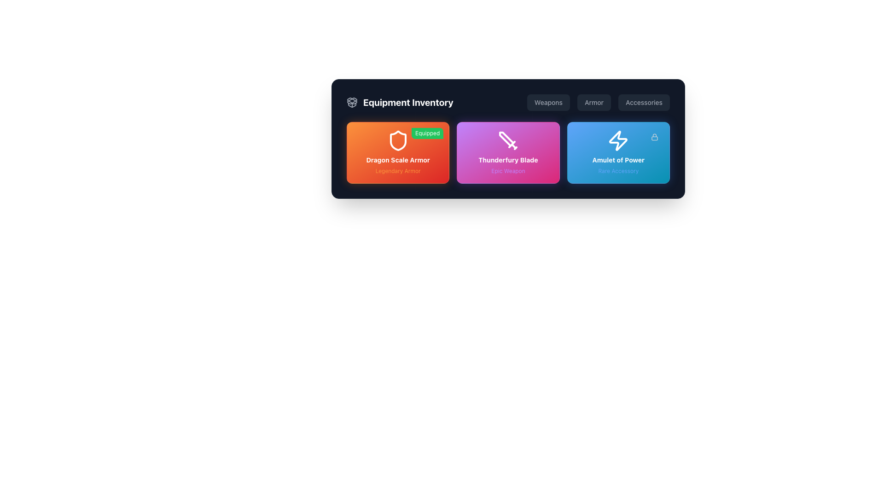 The height and width of the screenshot is (497, 884). I want to click on the locked Amulet of Power icon located at the top-right corner of the Amulet of Power card, adjacent to the lightning bolt graphic, so click(654, 137).